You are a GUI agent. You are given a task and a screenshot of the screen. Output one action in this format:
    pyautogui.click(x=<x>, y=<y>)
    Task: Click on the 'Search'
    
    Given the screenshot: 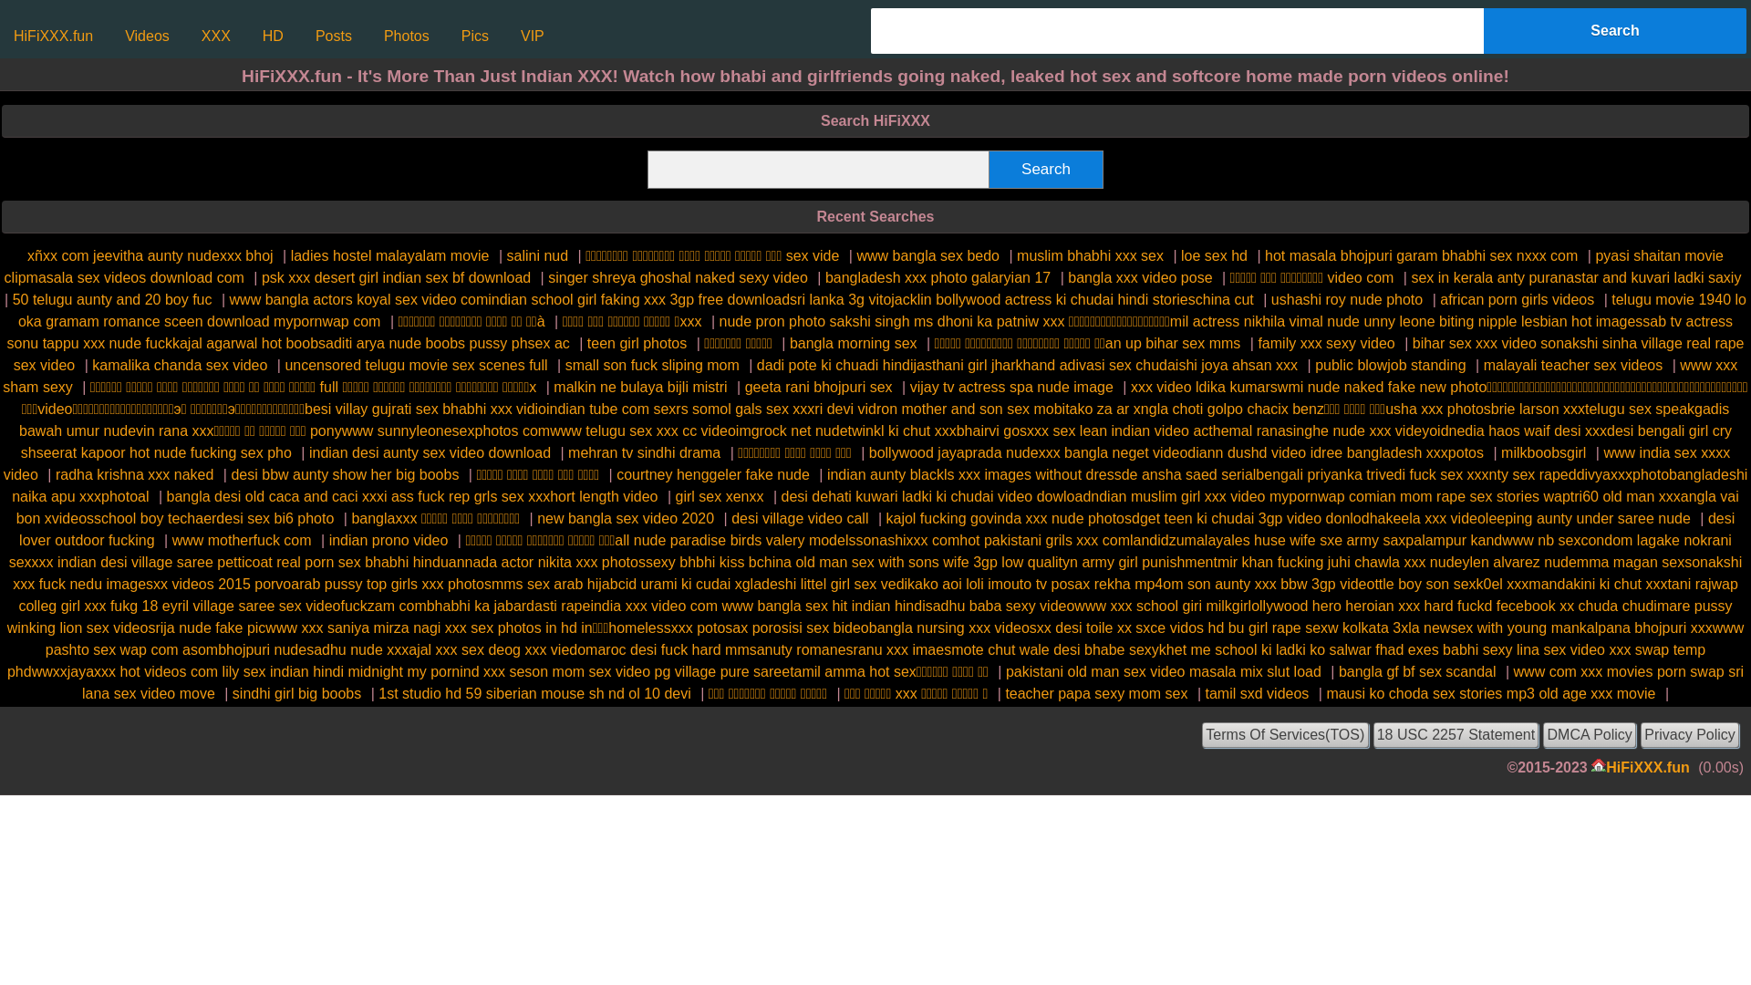 What is the action you would take?
    pyautogui.click(x=1046, y=169)
    